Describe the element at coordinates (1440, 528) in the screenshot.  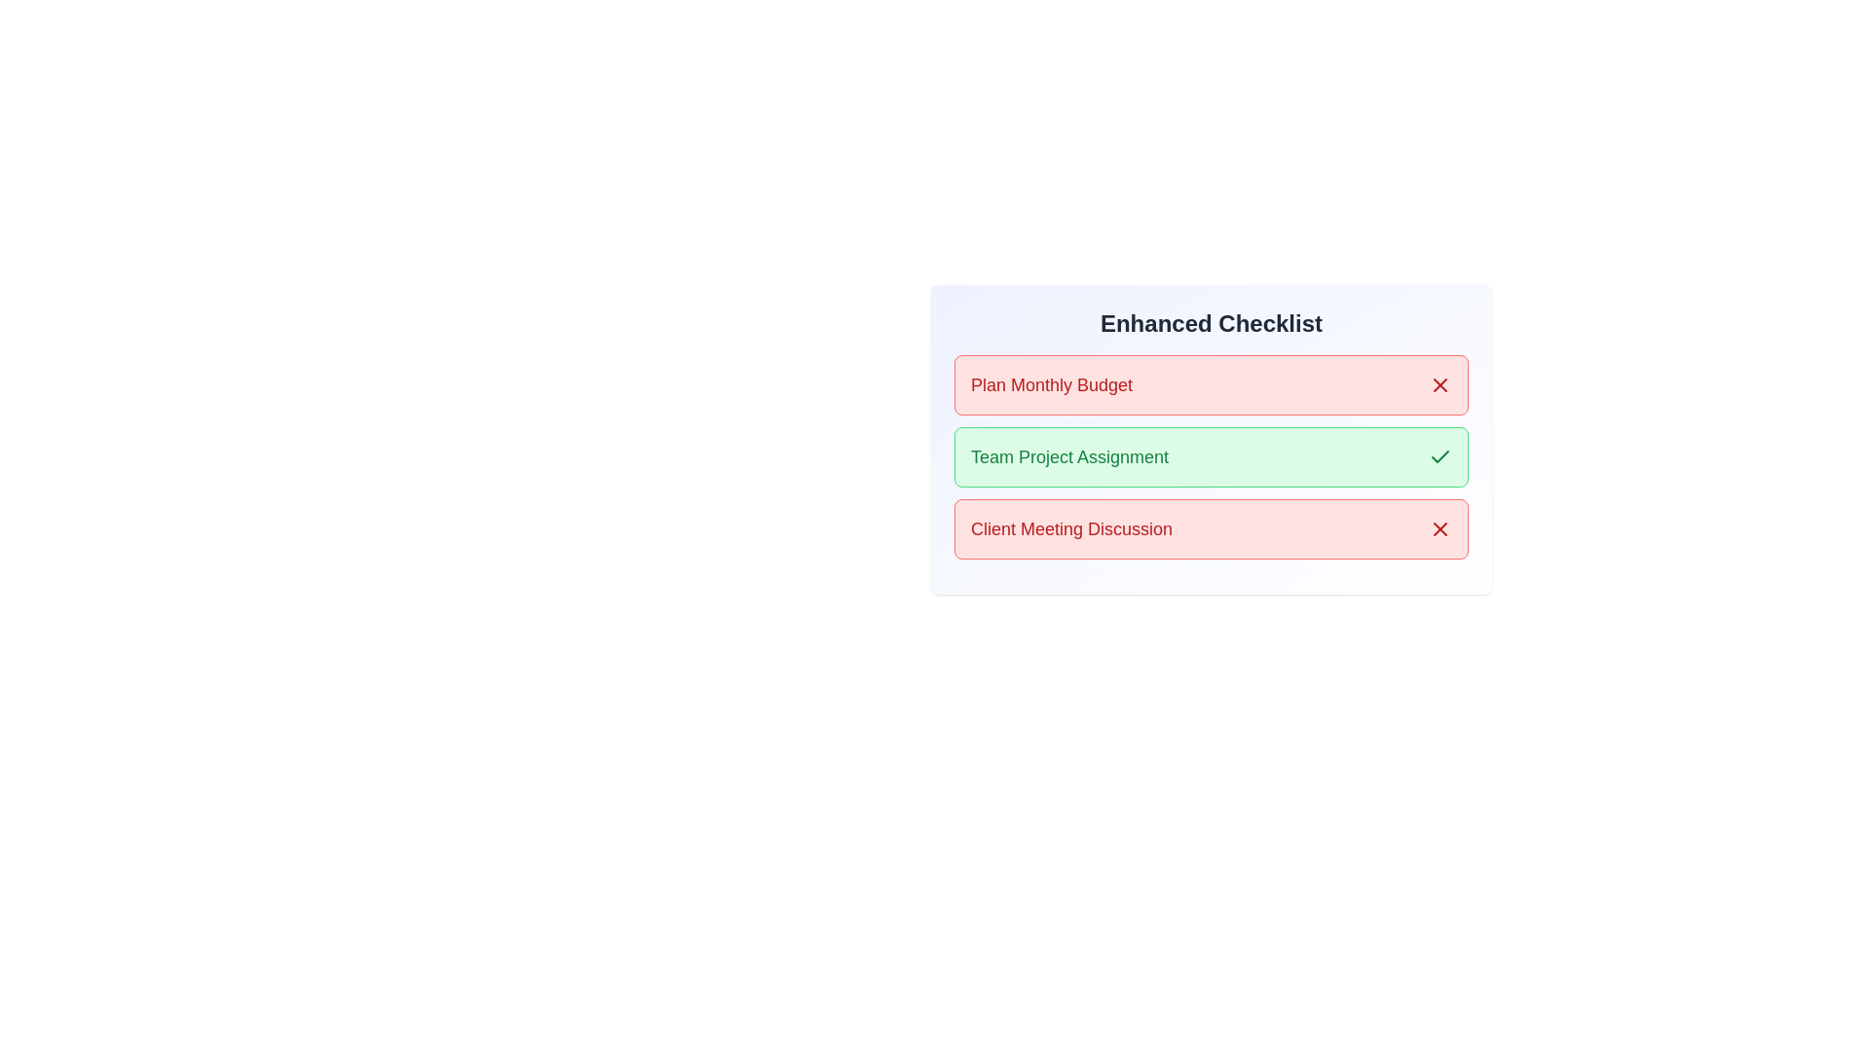
I see `the red cross icon button` at that location.